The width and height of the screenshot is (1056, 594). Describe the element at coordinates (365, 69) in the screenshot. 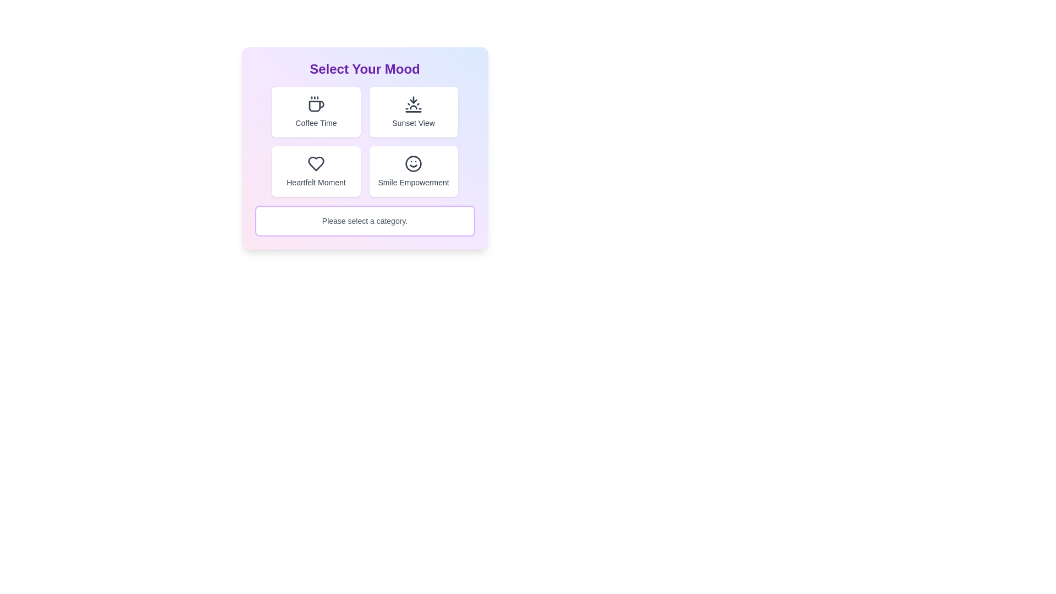

I see `text 'Select Your Mood' from the prominent header with bold, purple text at the top of the content card` at that location.